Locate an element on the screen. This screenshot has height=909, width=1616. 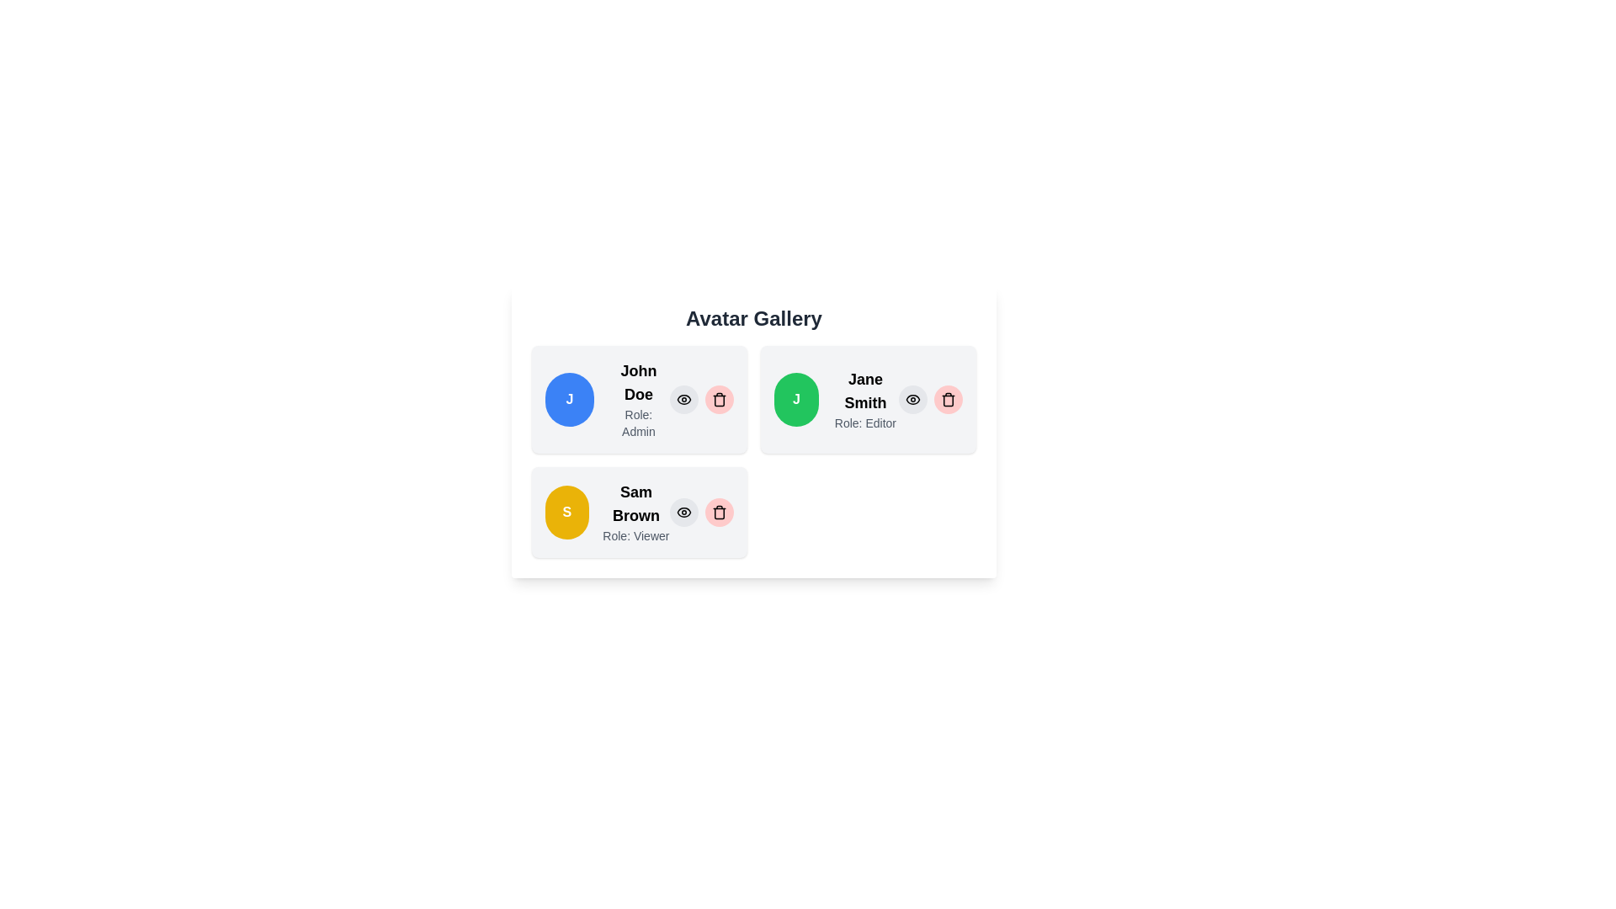
the delete button located in the lower right corner of the 'Sam Brown' card is located at coordinates (719, 512).